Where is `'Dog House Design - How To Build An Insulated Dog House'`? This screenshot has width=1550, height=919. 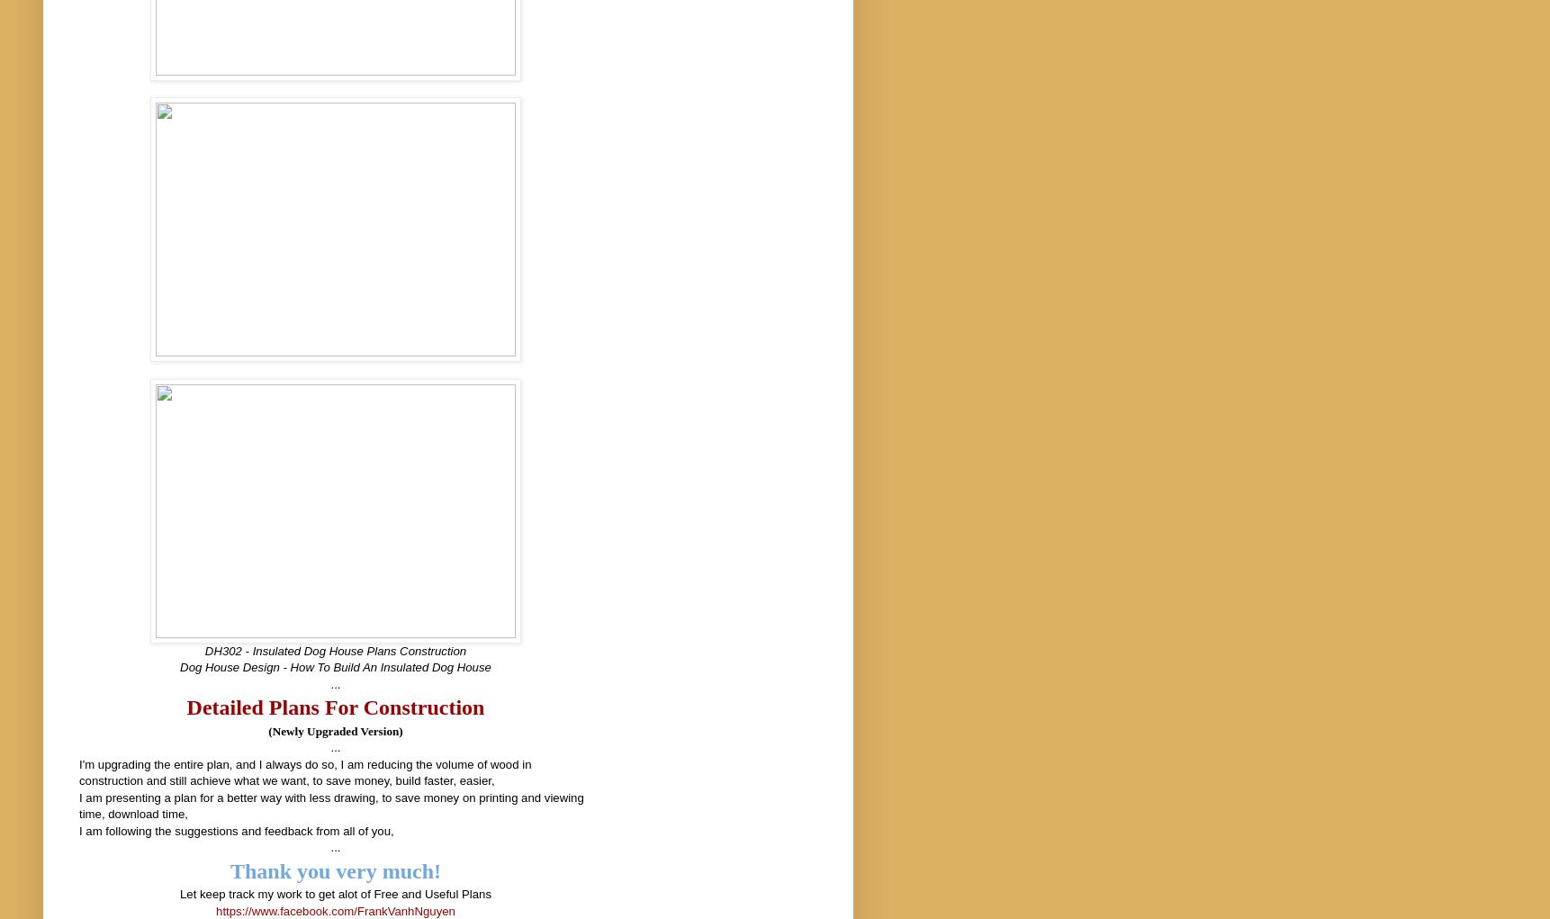 'Dog House Design - How To Build An Insulated Dog House' is located at coordinates (335, 666).